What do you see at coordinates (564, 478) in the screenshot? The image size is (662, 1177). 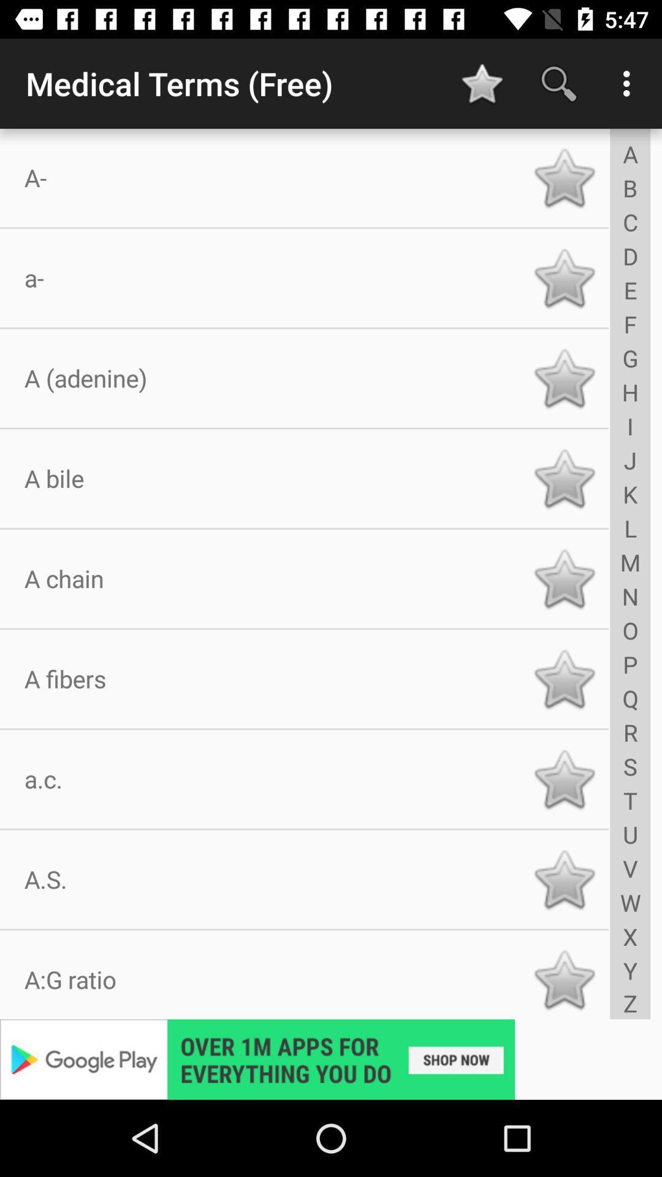 I see `see medical terms listing for a bile` at bounding box center [564, 478].